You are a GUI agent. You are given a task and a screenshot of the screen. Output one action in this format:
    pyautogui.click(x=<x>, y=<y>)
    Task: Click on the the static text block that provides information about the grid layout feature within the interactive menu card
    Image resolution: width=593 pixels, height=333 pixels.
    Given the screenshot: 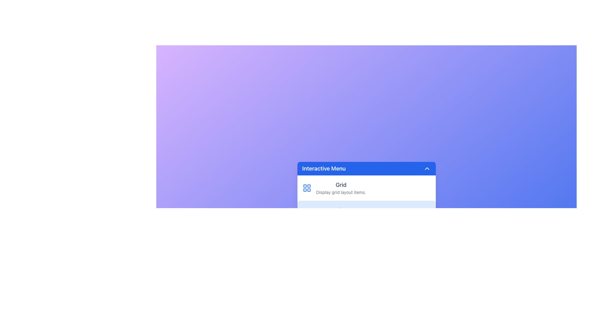 What is the action you would take?
    pyautogui.click(x=341, y=187)
    